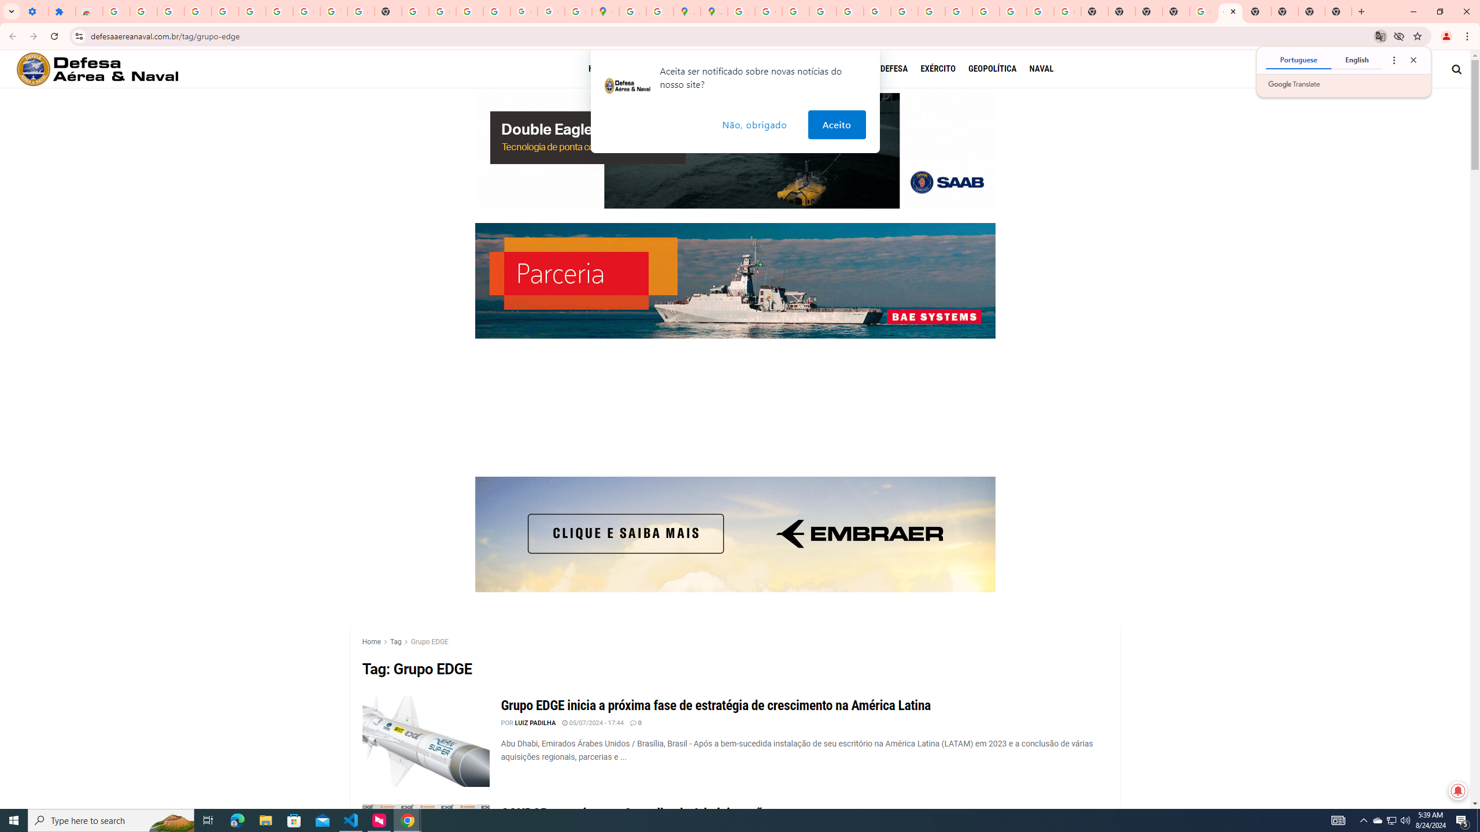  What do you see at coordinates (535, 723) in the screenshot?
I see `'LUIZ PADILHA'` at bounding box center [535, 723].